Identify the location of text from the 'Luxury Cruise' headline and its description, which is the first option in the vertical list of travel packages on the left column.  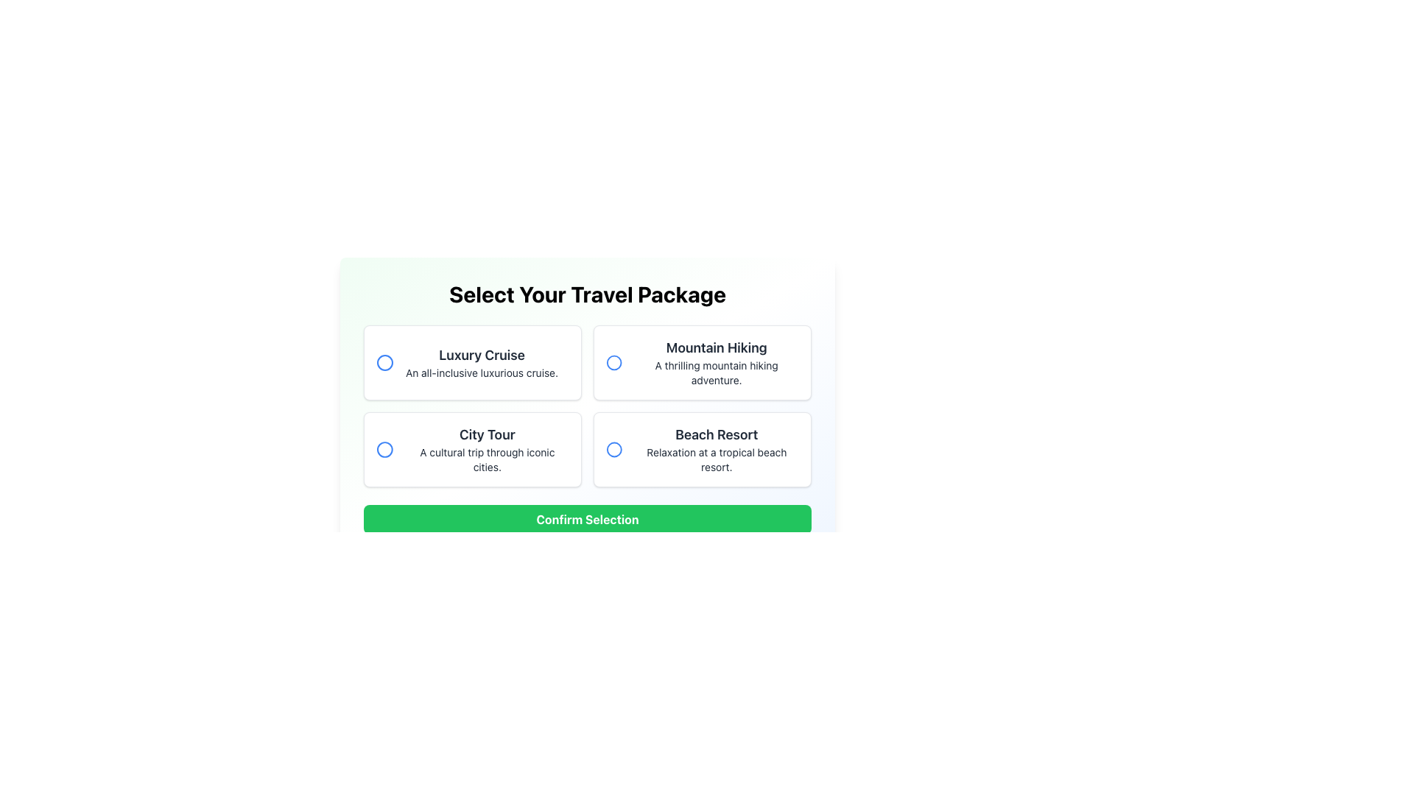
(482, 363).